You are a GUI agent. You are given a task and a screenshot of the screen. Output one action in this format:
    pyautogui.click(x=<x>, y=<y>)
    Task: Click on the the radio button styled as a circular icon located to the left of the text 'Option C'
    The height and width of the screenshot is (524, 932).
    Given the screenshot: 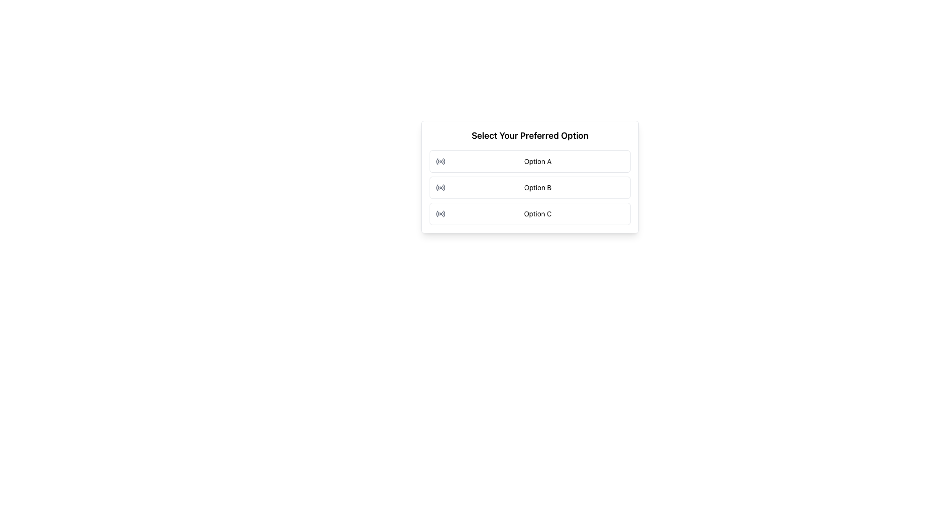 What is the action you would take?
    pyautogui.click(x=440, y=213)
    